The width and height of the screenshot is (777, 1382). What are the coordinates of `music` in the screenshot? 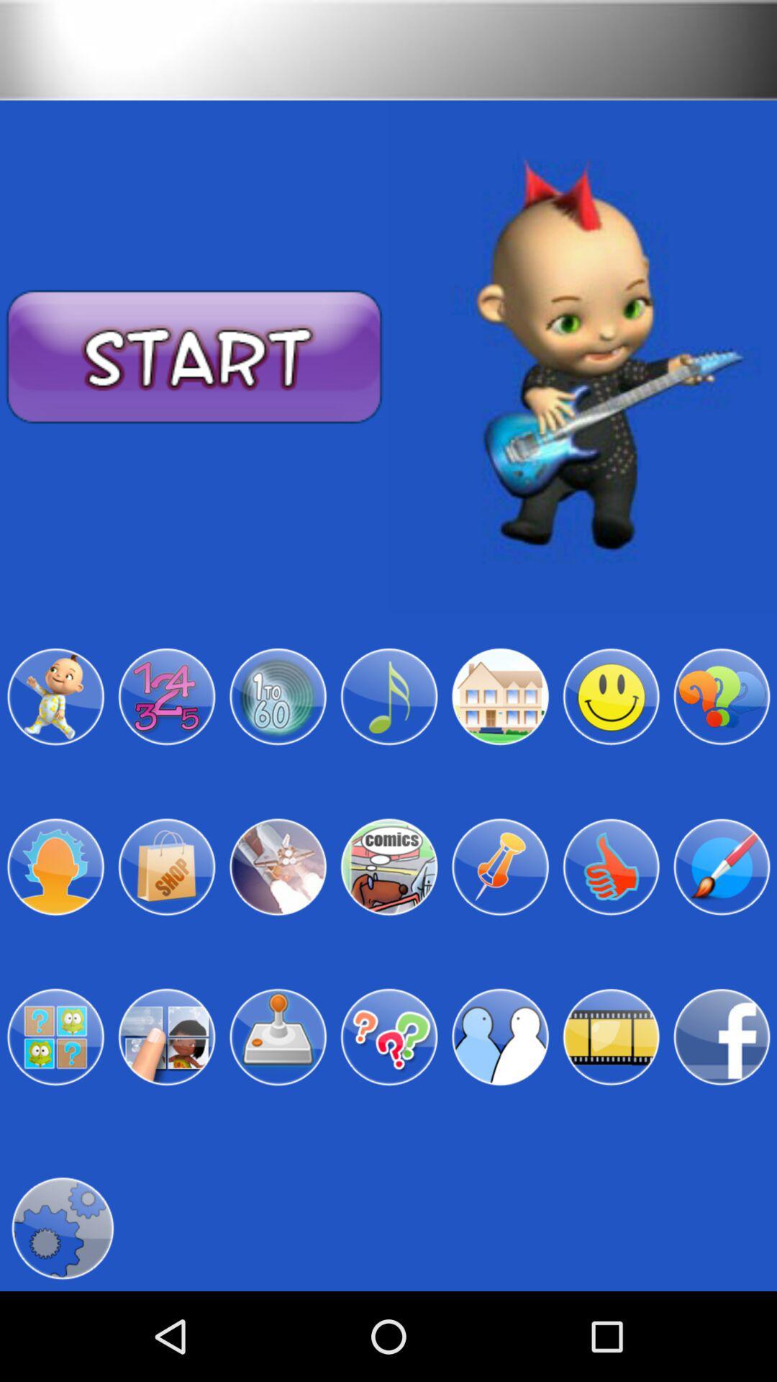 It's located at (388, 697).